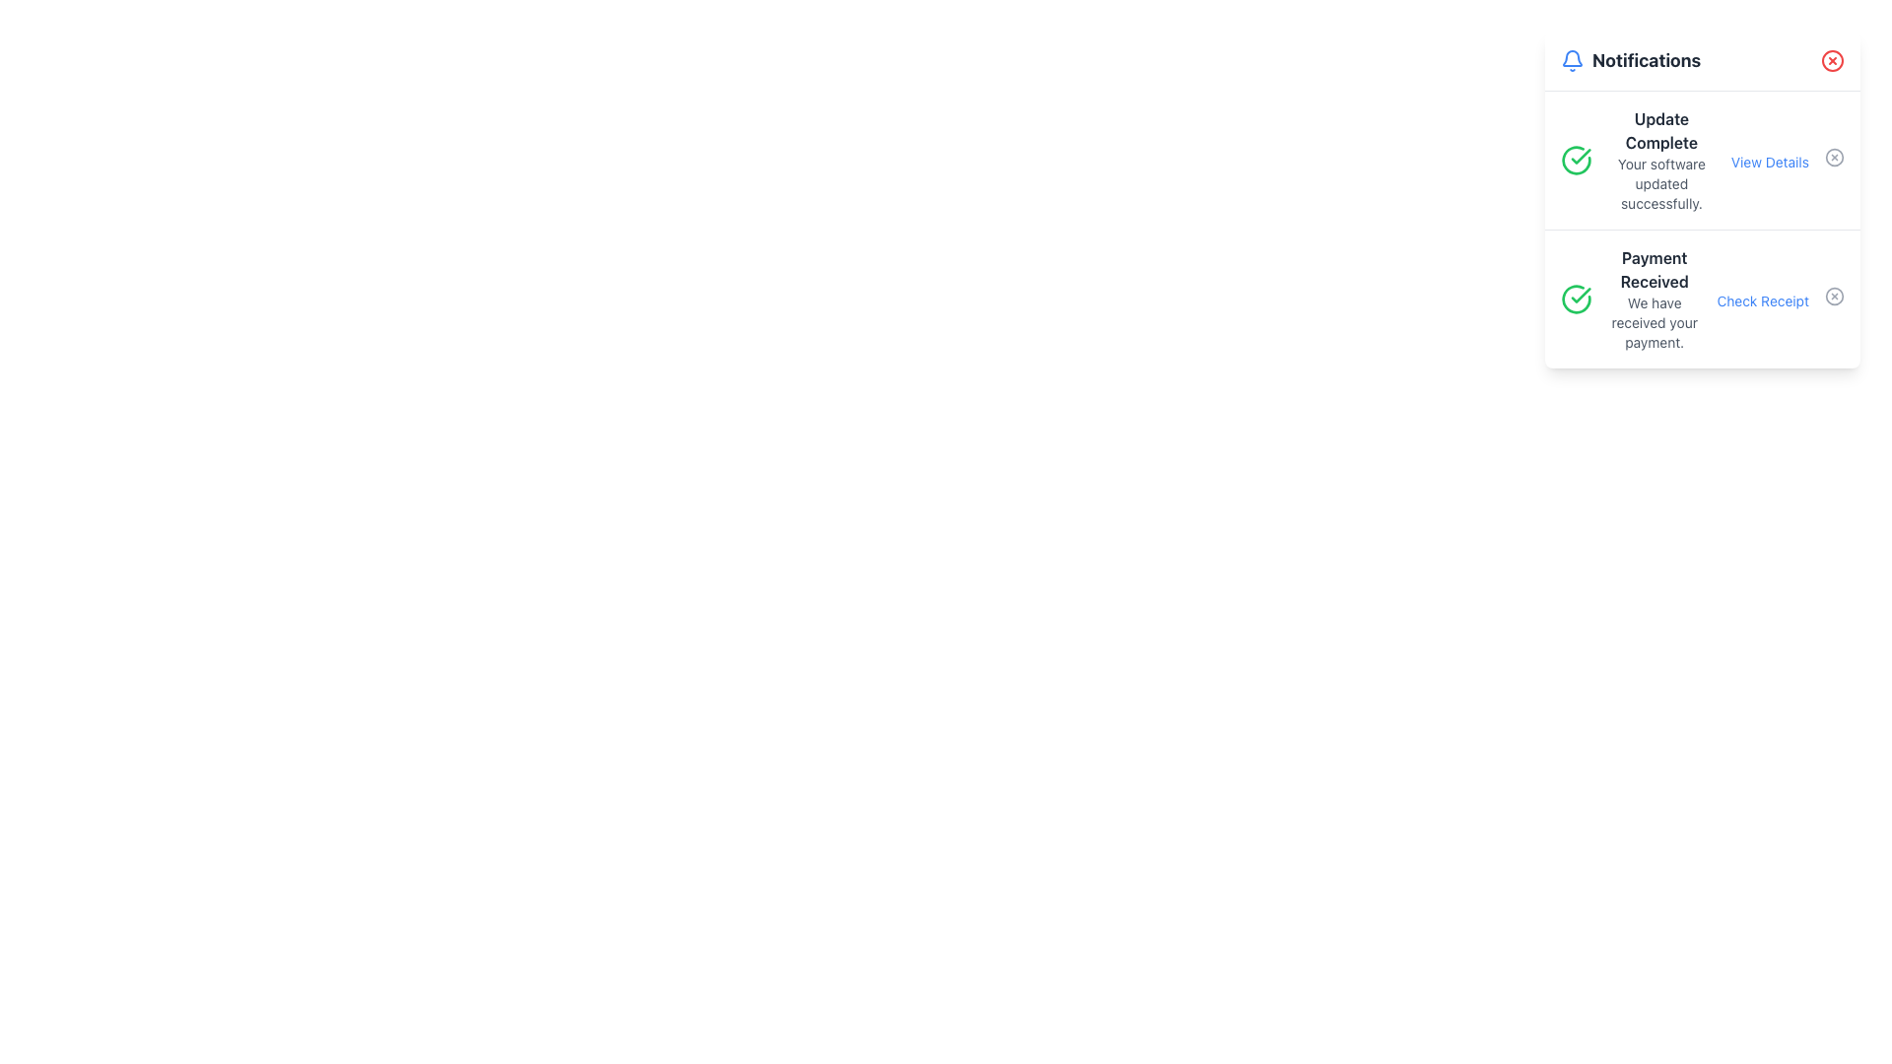 The height and width of the screenshot is (1064, 1892). What do you see at coordinates (1781, 299) in the screenshot?
I see `the interactive hyperlink labeled 'Check Receipt' located in the second section of the notification card titled 'Payment Received'` at bounding box center [1781, 299].